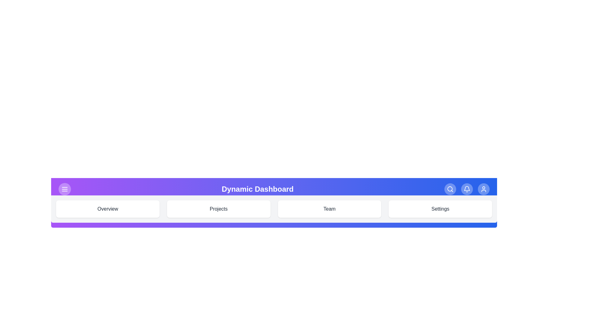 The width and height of the screenshot is (595, 335). What do you see at coordinates (483, 189) in the screenshot?
I see `the user profile icon` at bounding box center [483, 189].